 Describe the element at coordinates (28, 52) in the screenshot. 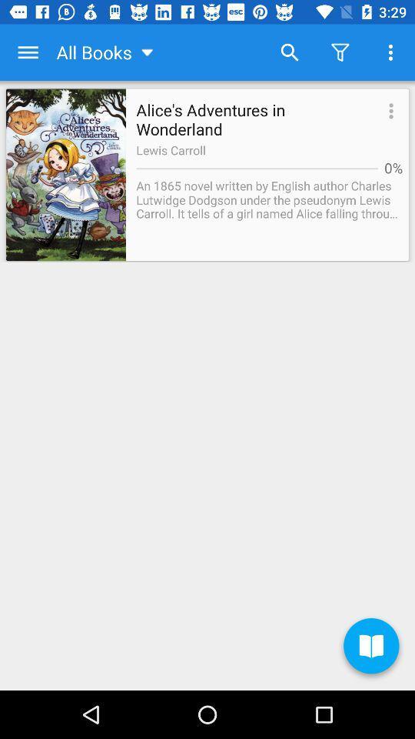

I see `item next to the all books` at that location.